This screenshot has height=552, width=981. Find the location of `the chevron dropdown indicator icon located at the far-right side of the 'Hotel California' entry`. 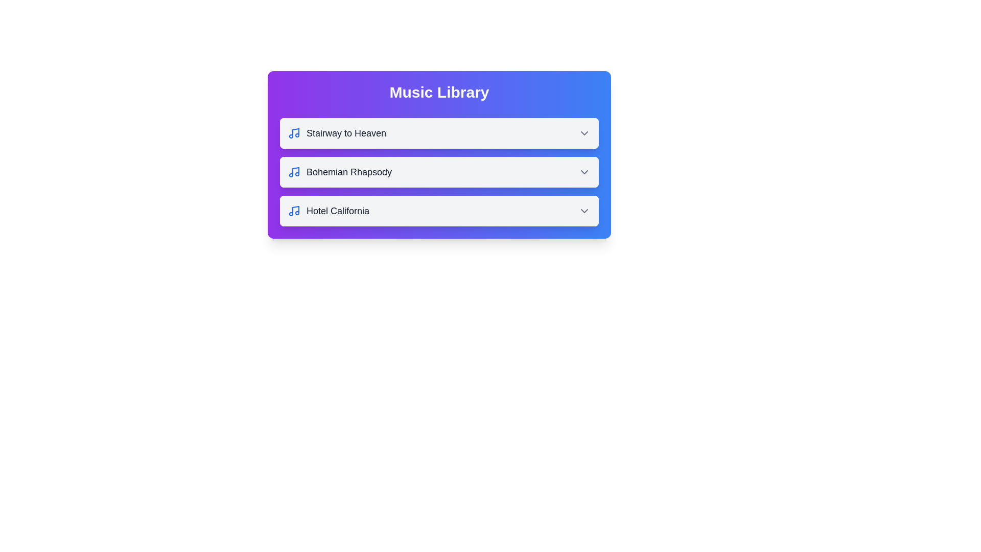

the chevron dropdown indicator icon located at the far-right side of the 'Hotel California' entry is located at coordinates (584, 210).